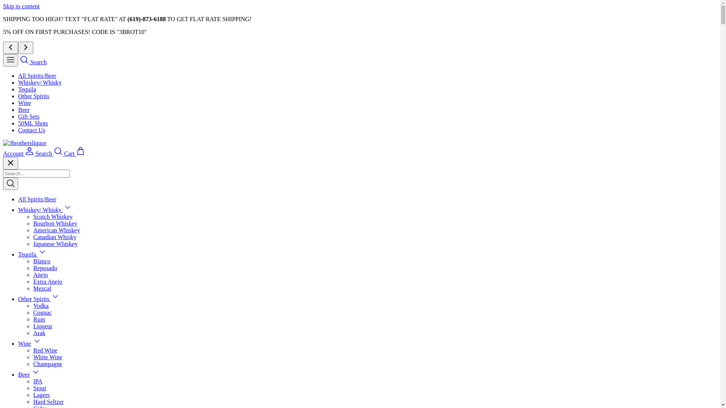  What do you see at coordinates (47, 363) in the screenshot?
I see `'Champagne'` at bounding box center [47, 363].